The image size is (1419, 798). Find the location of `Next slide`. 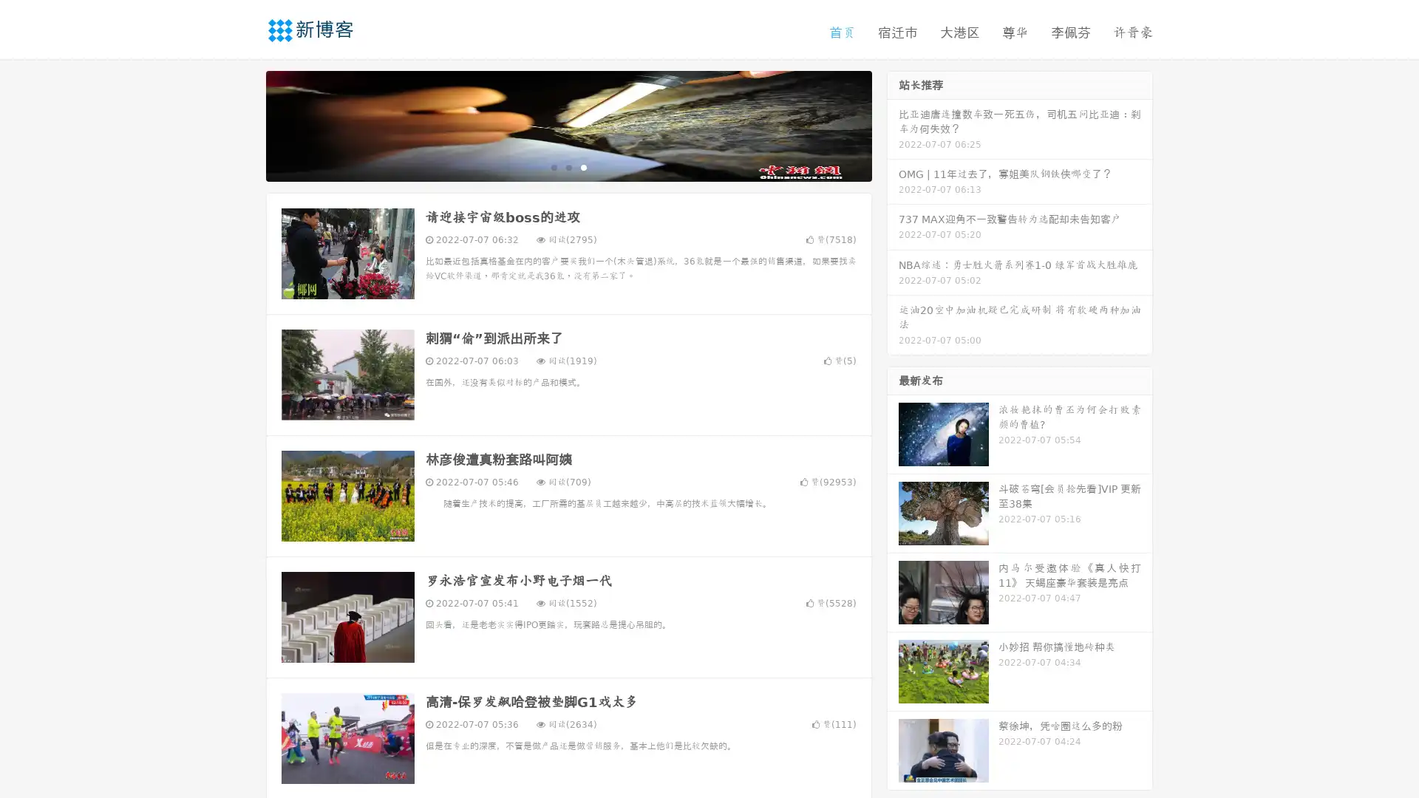

Next slide is located at coordinates (893, 124).